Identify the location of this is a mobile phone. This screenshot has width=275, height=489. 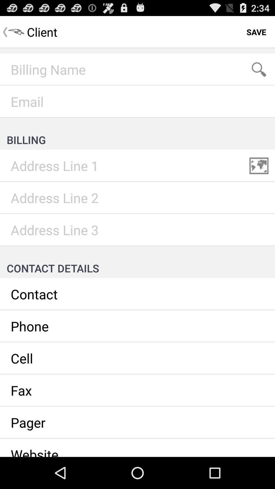
(137, 358).